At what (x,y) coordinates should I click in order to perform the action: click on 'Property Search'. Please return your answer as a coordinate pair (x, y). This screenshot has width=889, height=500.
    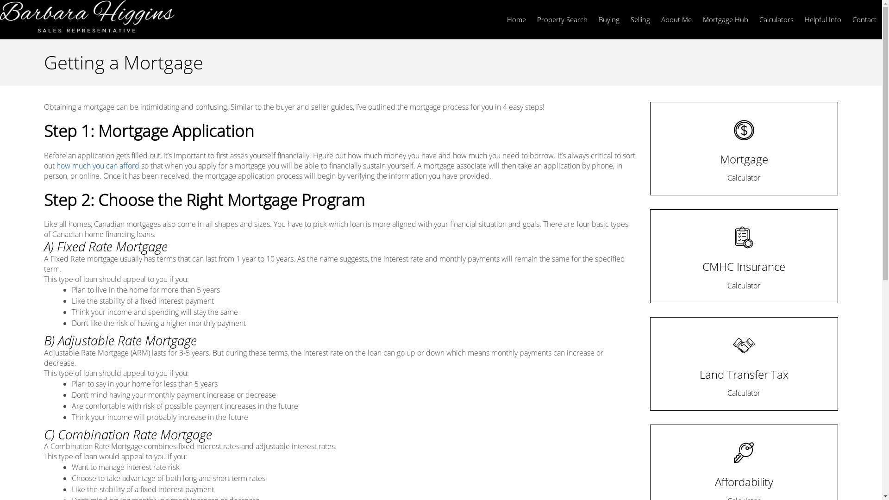
    Looking at the image, I should click on (562, 19).